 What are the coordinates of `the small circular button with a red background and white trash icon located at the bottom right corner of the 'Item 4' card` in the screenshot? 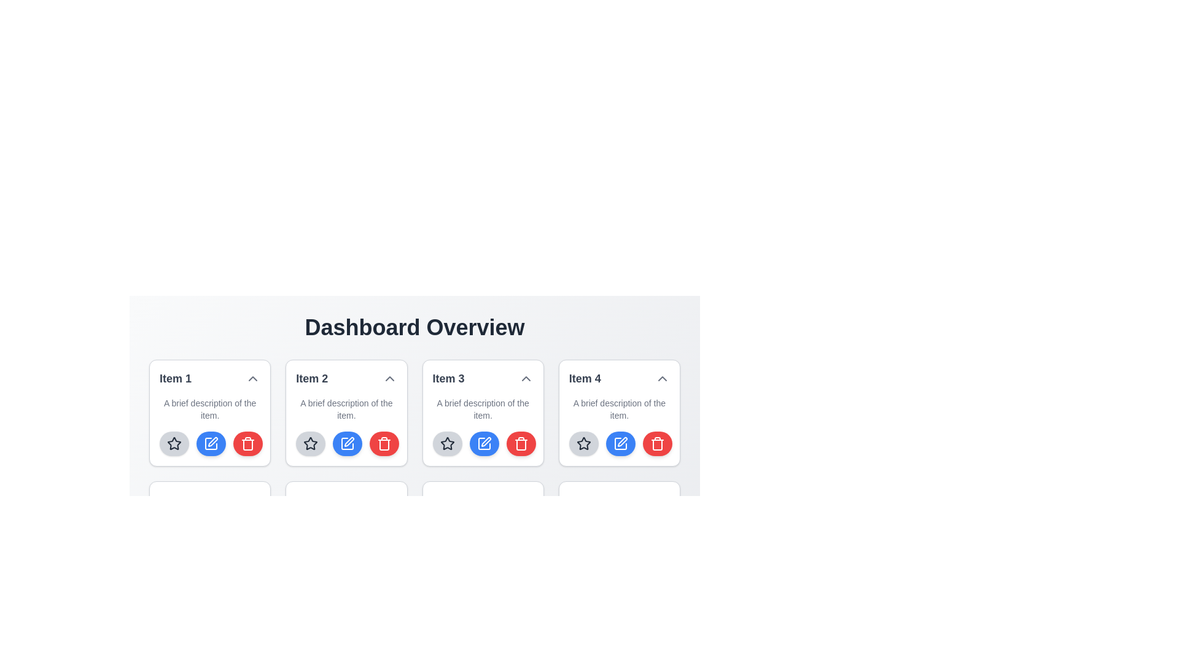 It's located at (656, 443).